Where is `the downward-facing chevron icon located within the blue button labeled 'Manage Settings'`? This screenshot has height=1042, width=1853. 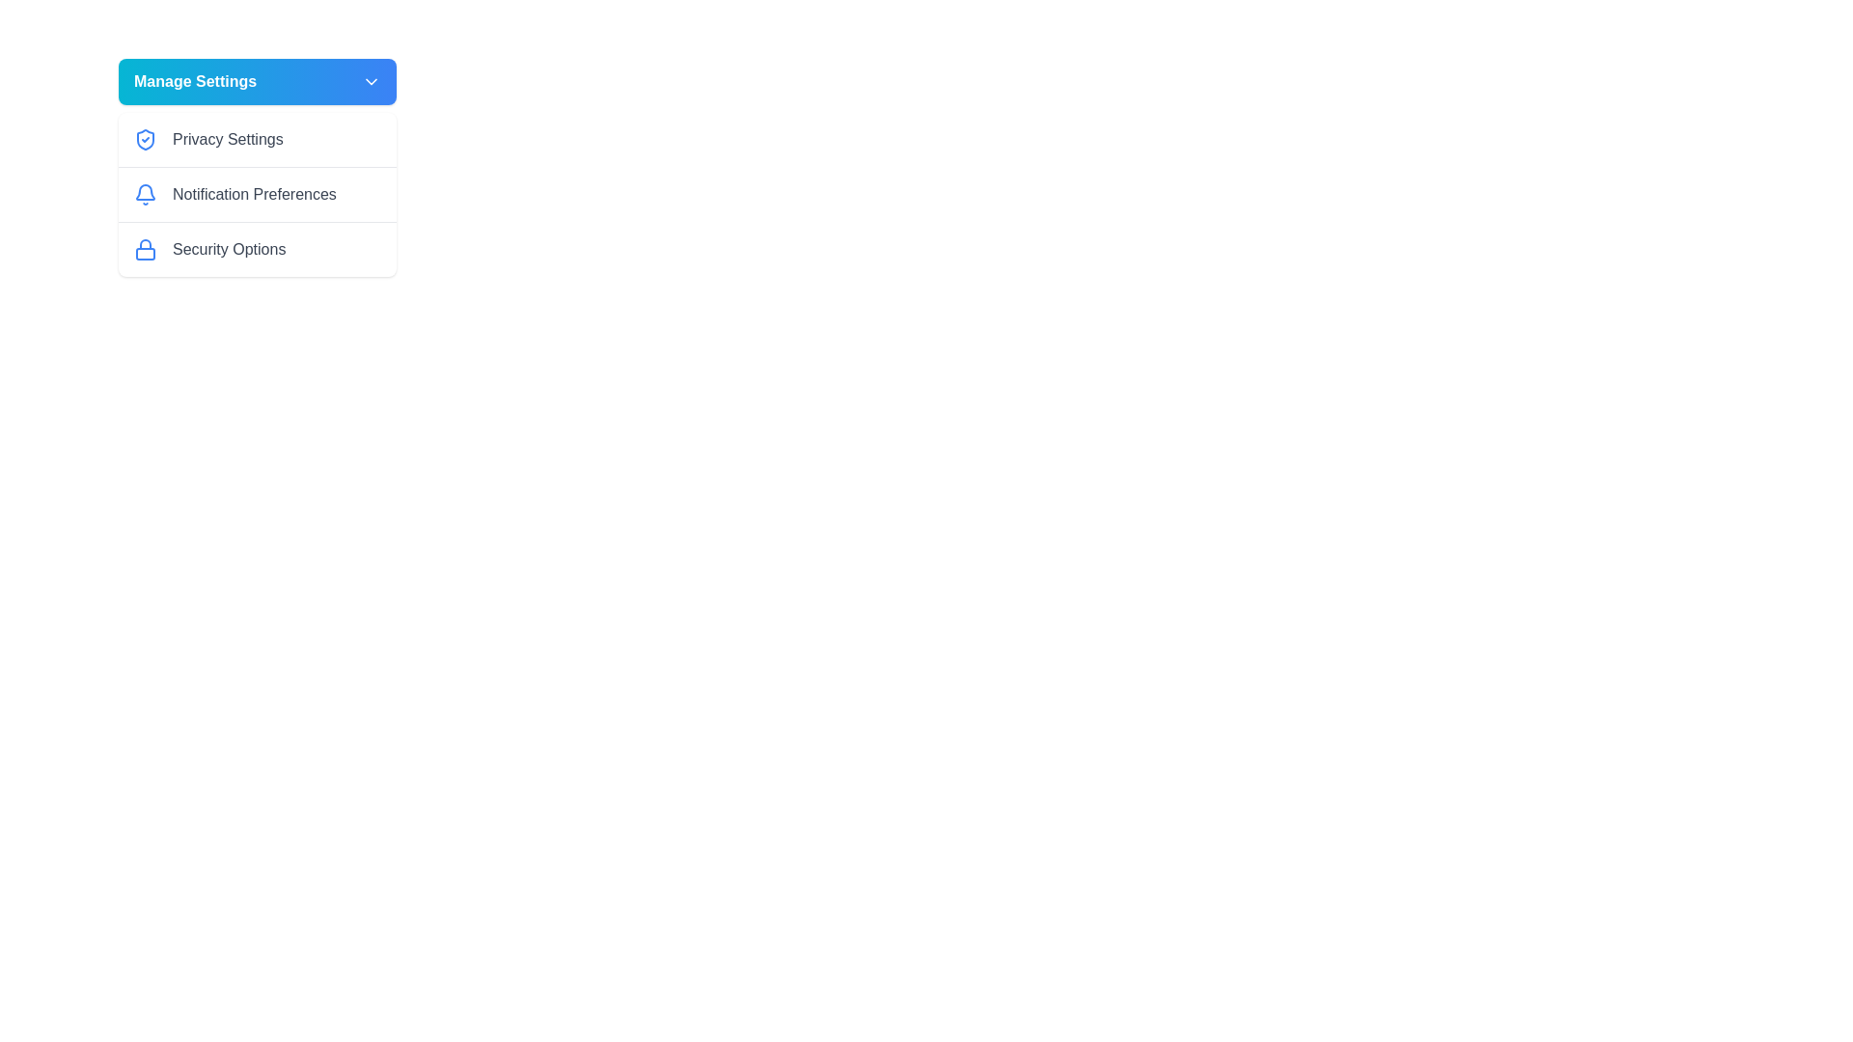
the downward-facing chevron icon located within the blue button labeled 'Manage Settings' is located at coordinates (371, 80).